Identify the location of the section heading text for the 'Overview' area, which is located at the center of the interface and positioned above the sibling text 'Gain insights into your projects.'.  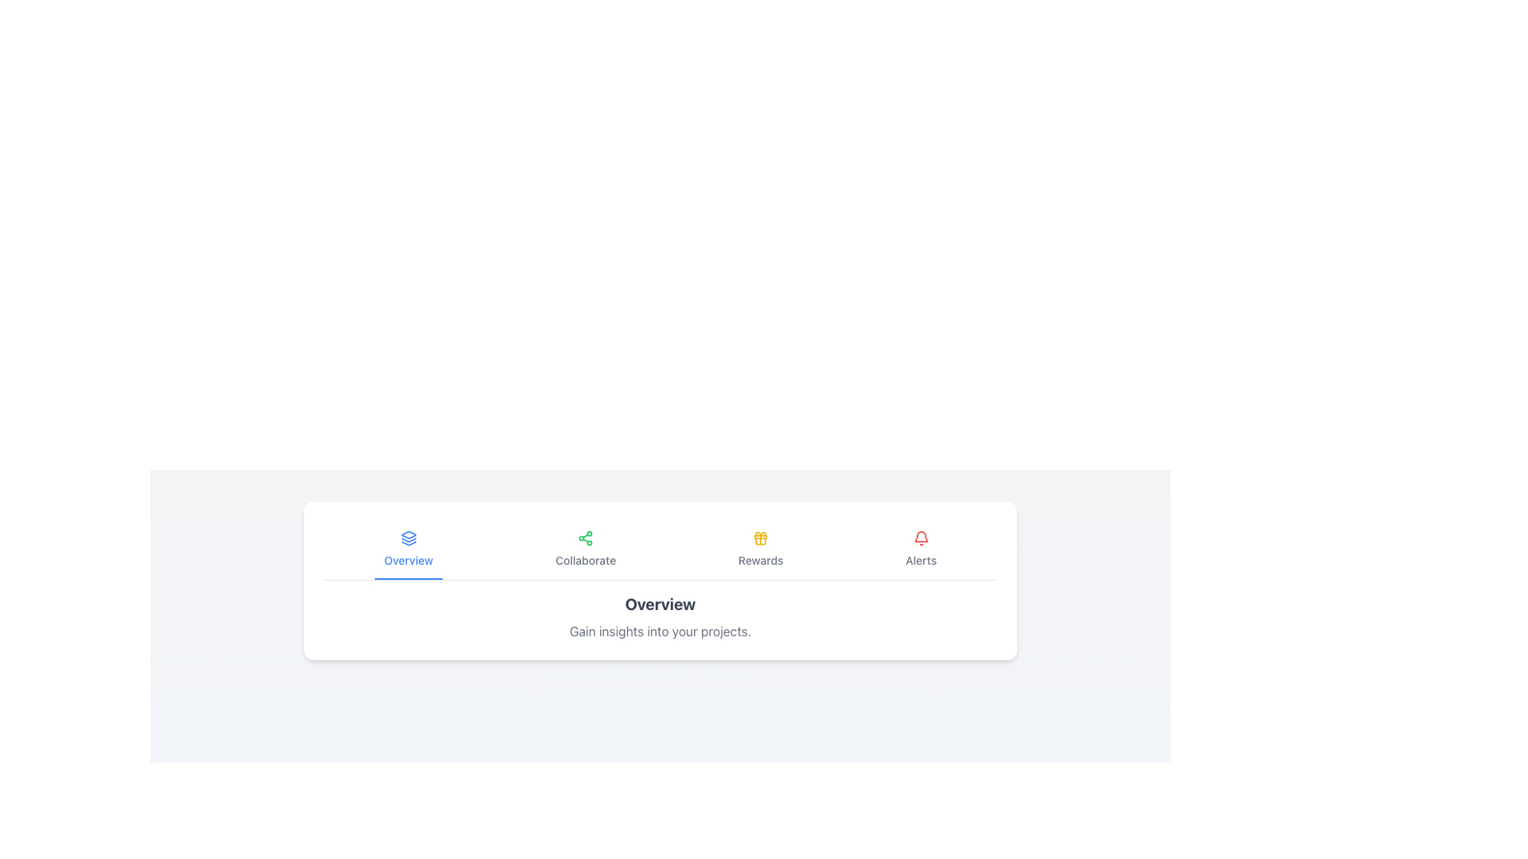
(661, 604).